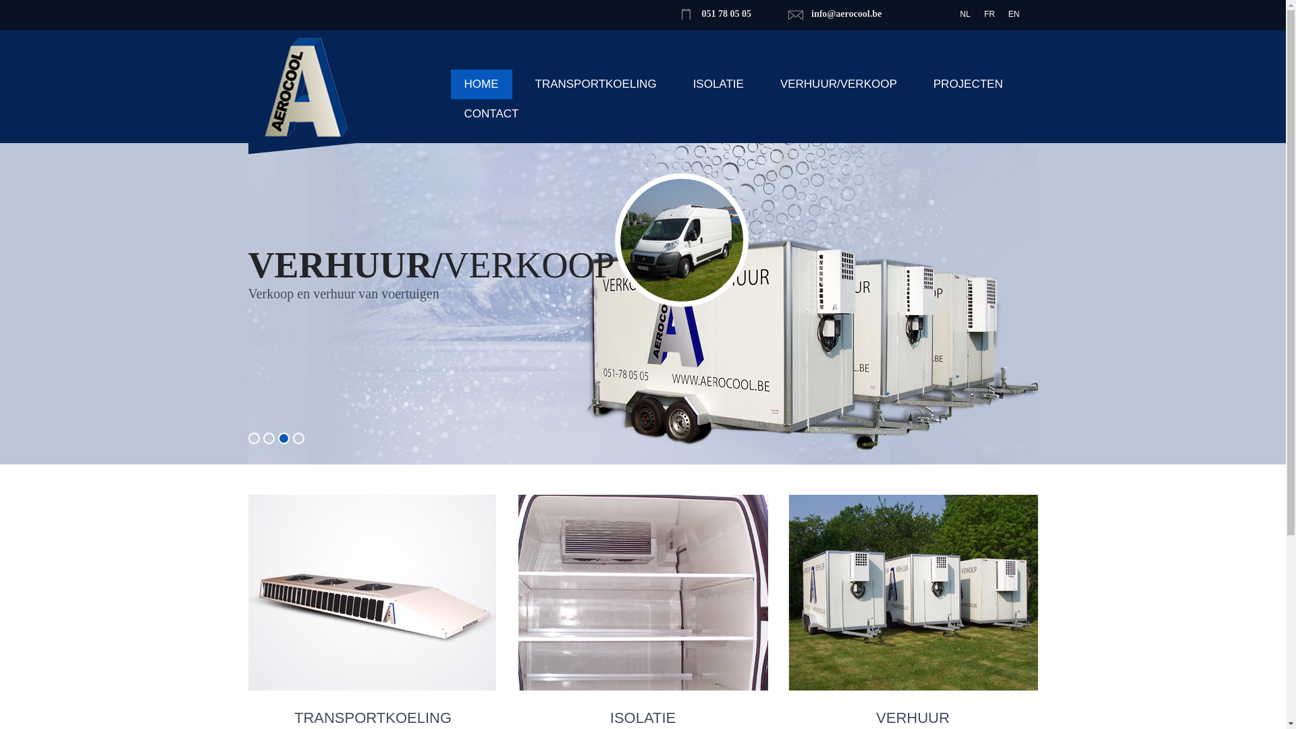  I want to click on '3', so click(277, 438).